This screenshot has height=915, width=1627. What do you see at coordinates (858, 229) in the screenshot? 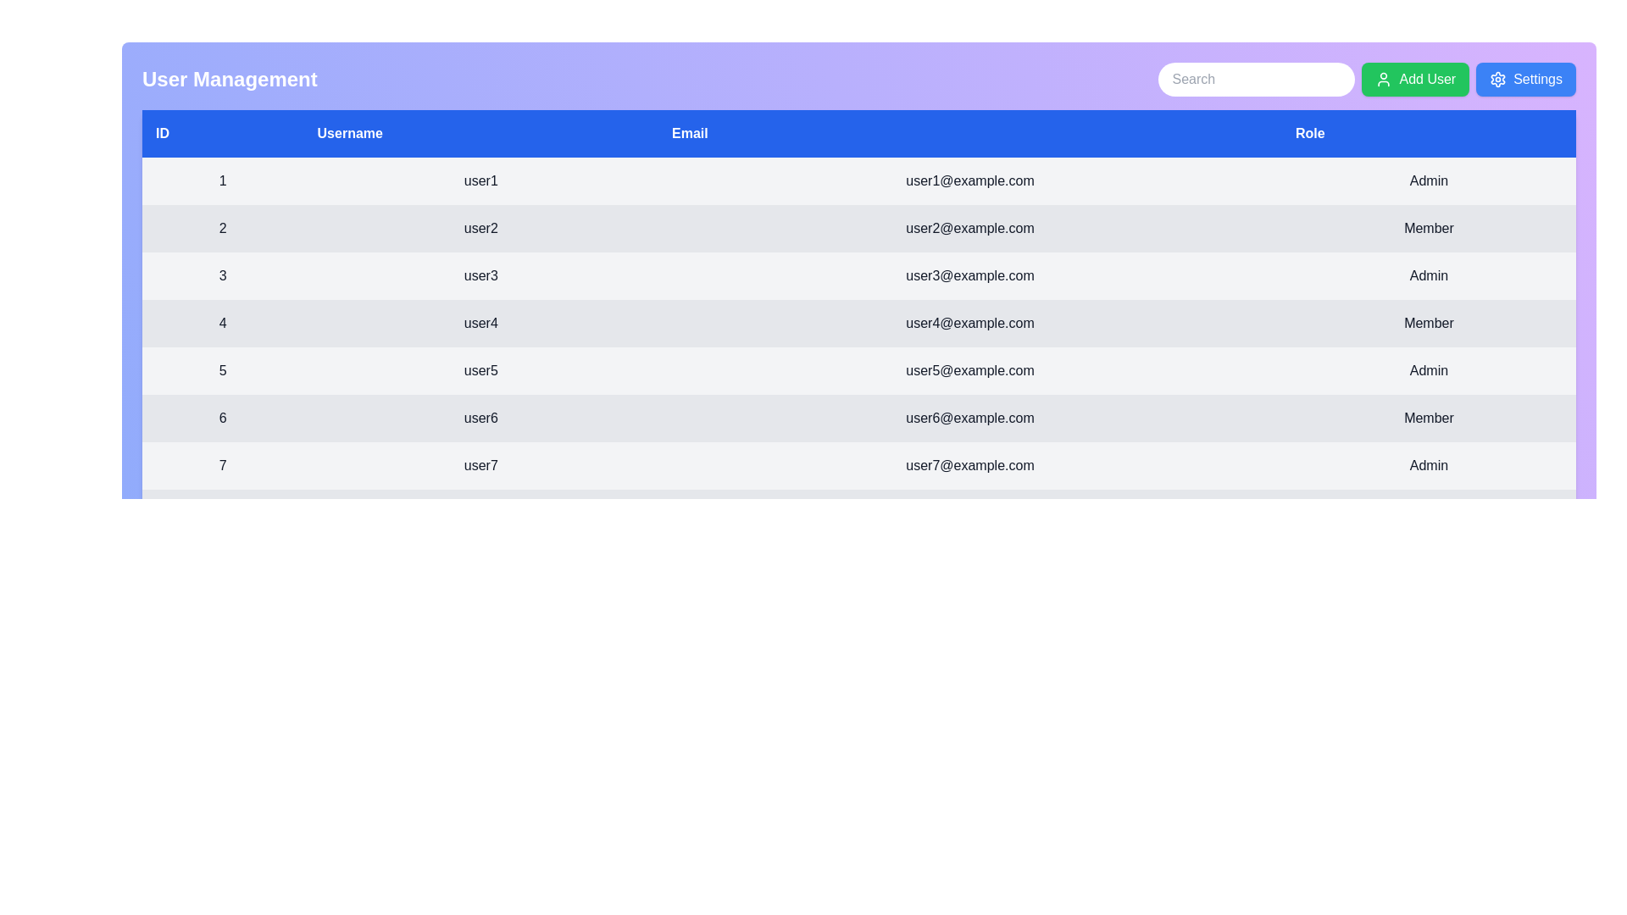
I see `the row corresponding to 2` at bounding box center [858, 229].